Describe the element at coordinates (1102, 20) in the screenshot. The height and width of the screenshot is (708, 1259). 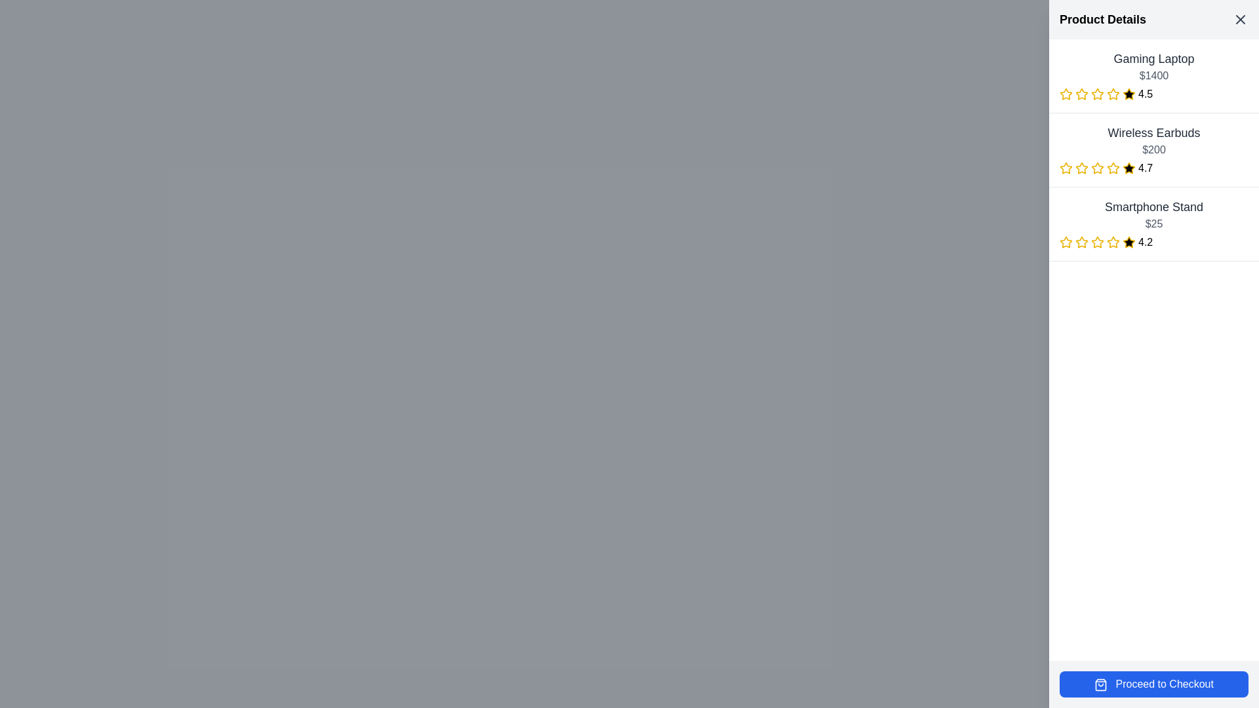
I see `the static text label that serves as a title or heading for product information, located in the upper right sidebar header bar` at that location.